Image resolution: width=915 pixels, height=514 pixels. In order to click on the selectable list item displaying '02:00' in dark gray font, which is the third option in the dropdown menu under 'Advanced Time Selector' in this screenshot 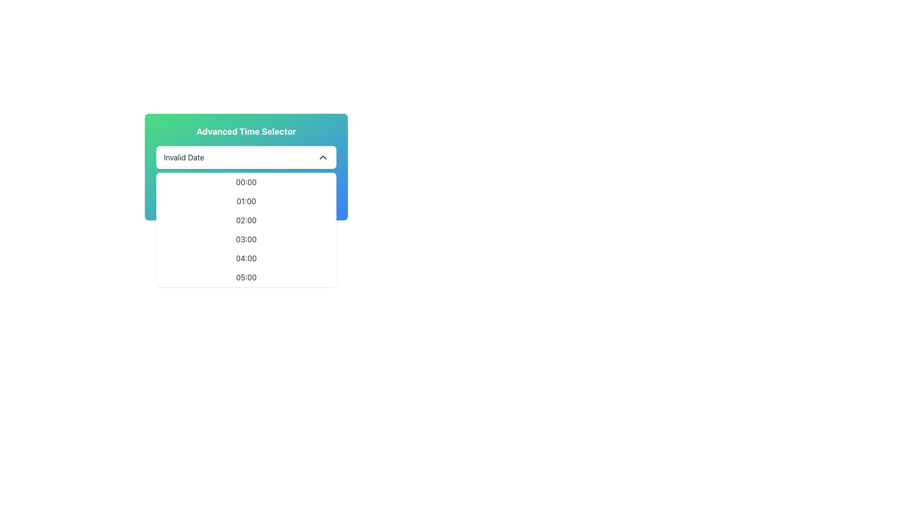, I will do `click(246, 220)`.